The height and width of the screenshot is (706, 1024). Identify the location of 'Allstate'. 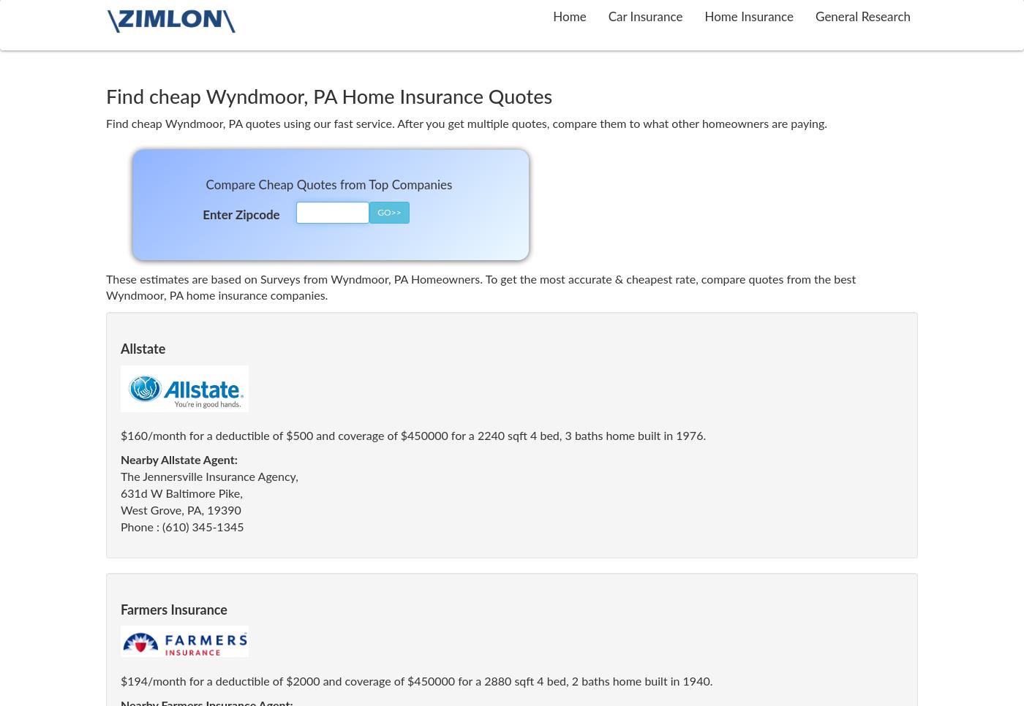
(143, 350).